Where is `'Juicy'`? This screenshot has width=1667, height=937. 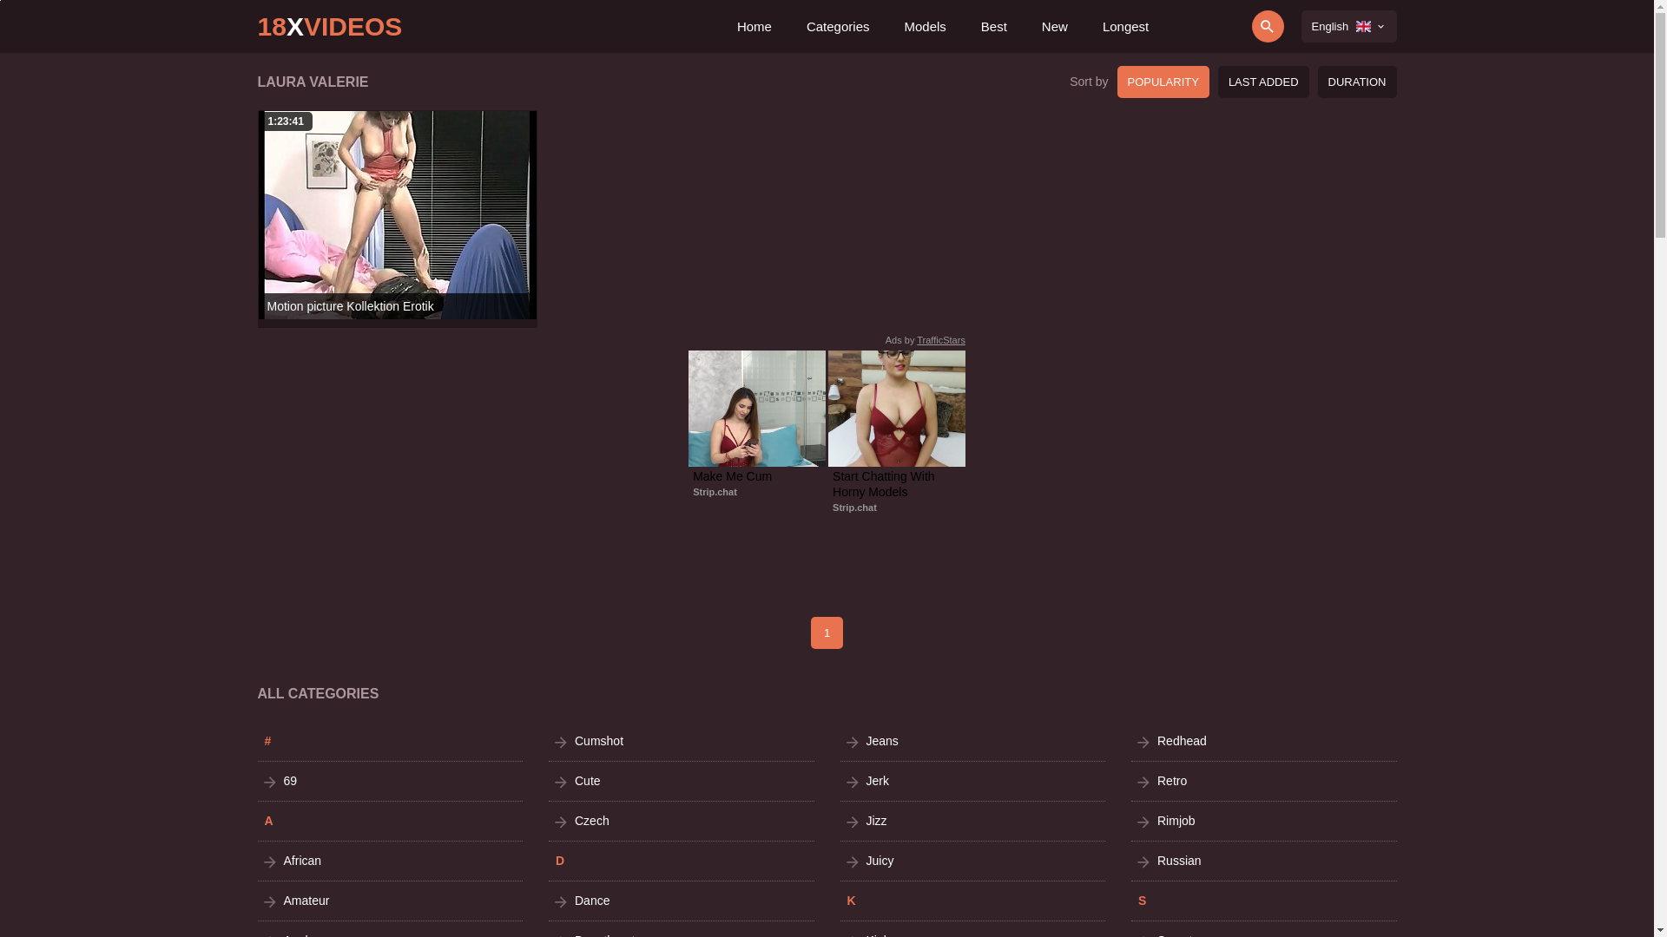
'Juicy' is located at coordinates (973, 861).